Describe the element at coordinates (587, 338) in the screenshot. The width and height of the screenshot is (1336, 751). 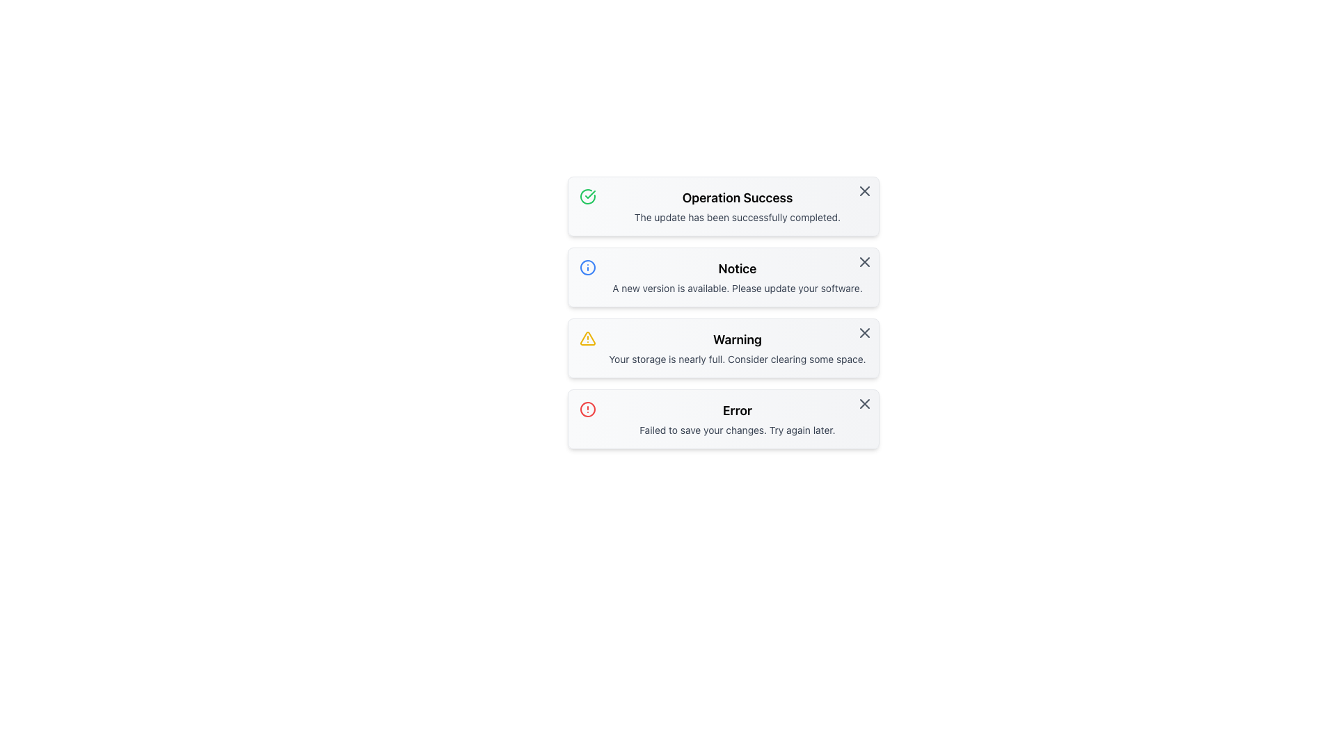
I see `the triangular outline of the warning icon with a yellow outline located in the 'Warning' alert box, positioned to the left of the 'Warning' text` at that location.